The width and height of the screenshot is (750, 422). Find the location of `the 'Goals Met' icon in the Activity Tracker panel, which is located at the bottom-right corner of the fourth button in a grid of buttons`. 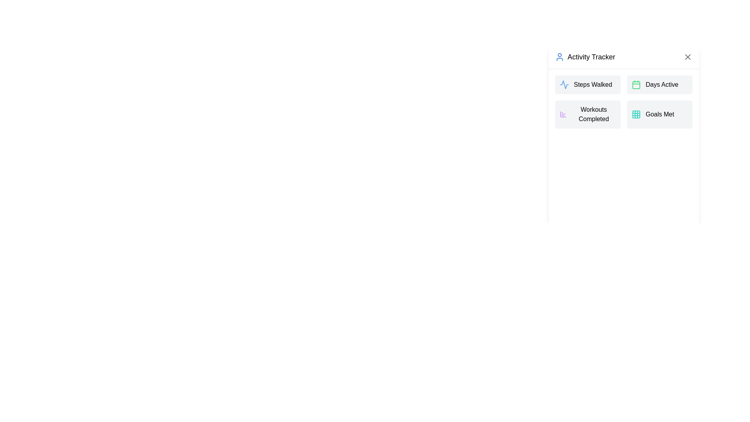

the 'Goals Met' icon in the Activity Tracker panel, which is located at the bottom-right corner of the fourth button in a grid of buttons is located at coordinates (636, 114).